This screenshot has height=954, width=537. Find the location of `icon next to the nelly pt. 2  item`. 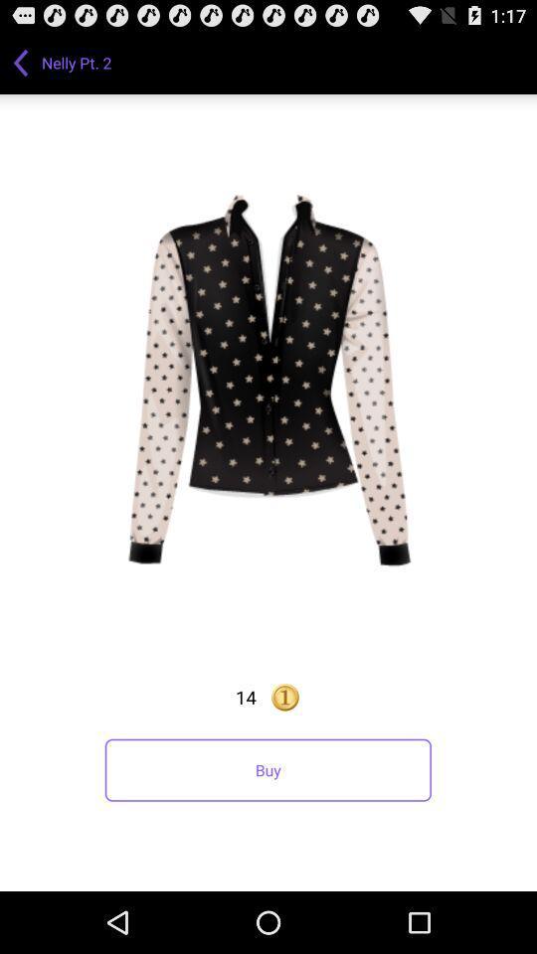

icon next to the nelly pt. 2  item is located at coordinates (20, 62).